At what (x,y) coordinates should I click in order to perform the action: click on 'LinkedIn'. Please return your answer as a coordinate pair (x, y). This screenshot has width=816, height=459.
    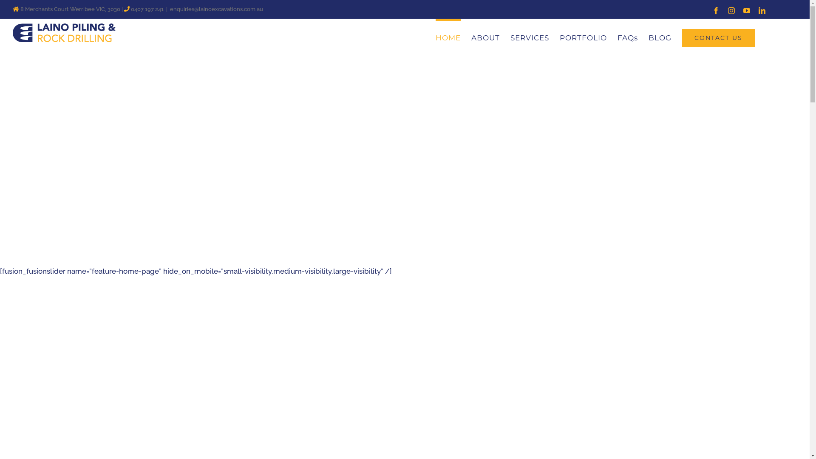
    Looking at the image, I should click on (762, 10).